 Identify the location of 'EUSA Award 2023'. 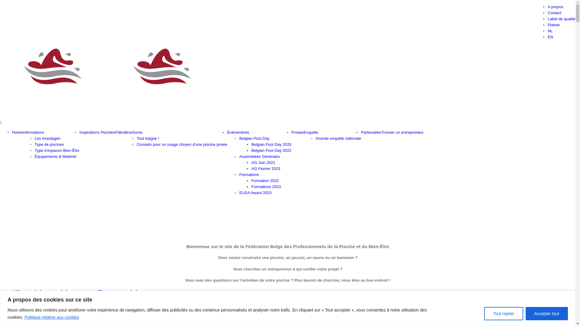
(255, 193).